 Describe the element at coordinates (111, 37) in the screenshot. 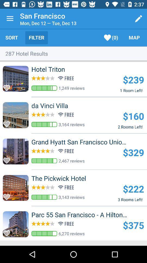

I see `item next to the filter item` at that location.